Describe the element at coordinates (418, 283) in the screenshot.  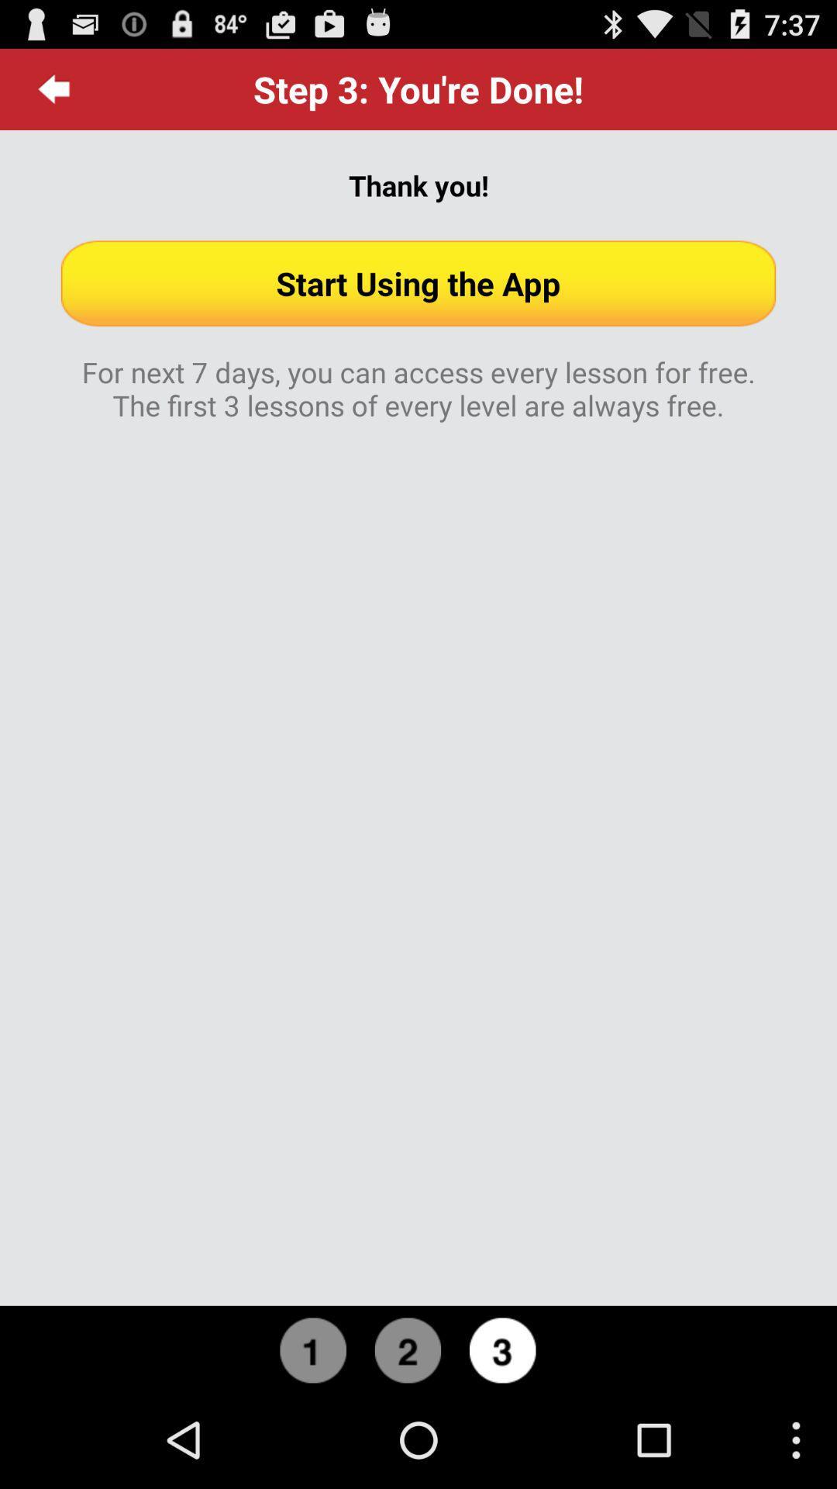
I see `the app below thank you! icon` at that location.